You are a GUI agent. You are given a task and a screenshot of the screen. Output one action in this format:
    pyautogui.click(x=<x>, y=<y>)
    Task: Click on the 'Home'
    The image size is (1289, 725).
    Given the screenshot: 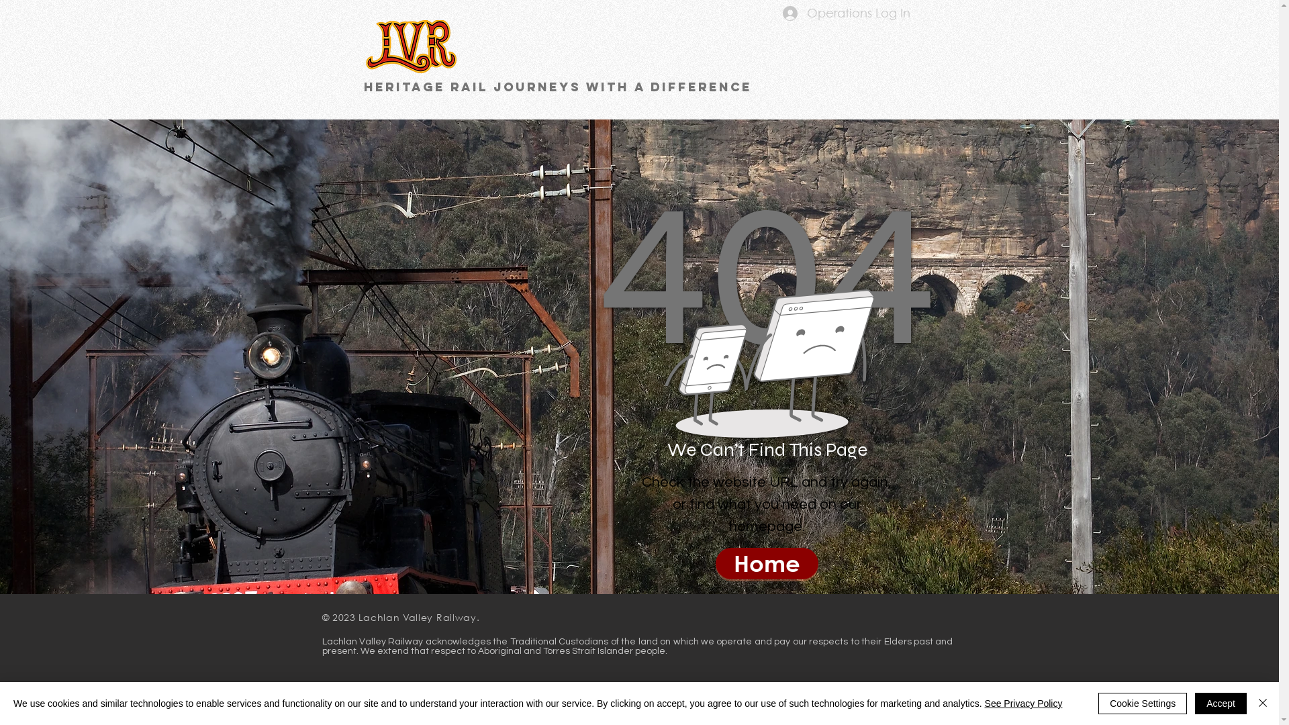 What is the action you would take?
    pyautogui.click(x=767, y=563)
    